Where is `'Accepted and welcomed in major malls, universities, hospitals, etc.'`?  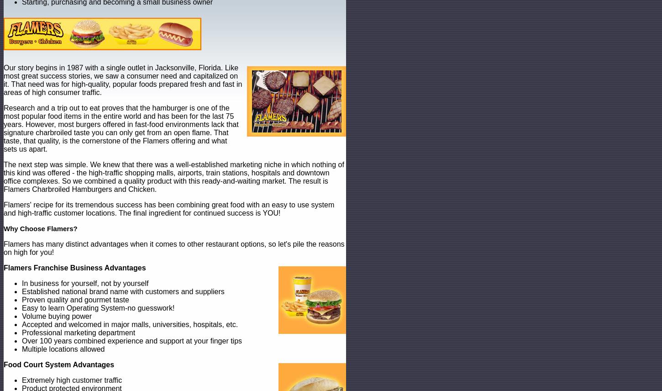 'Accepted and welcomed in major malls, universities, hospitals, etc.' is located at coordinates (130, 324).